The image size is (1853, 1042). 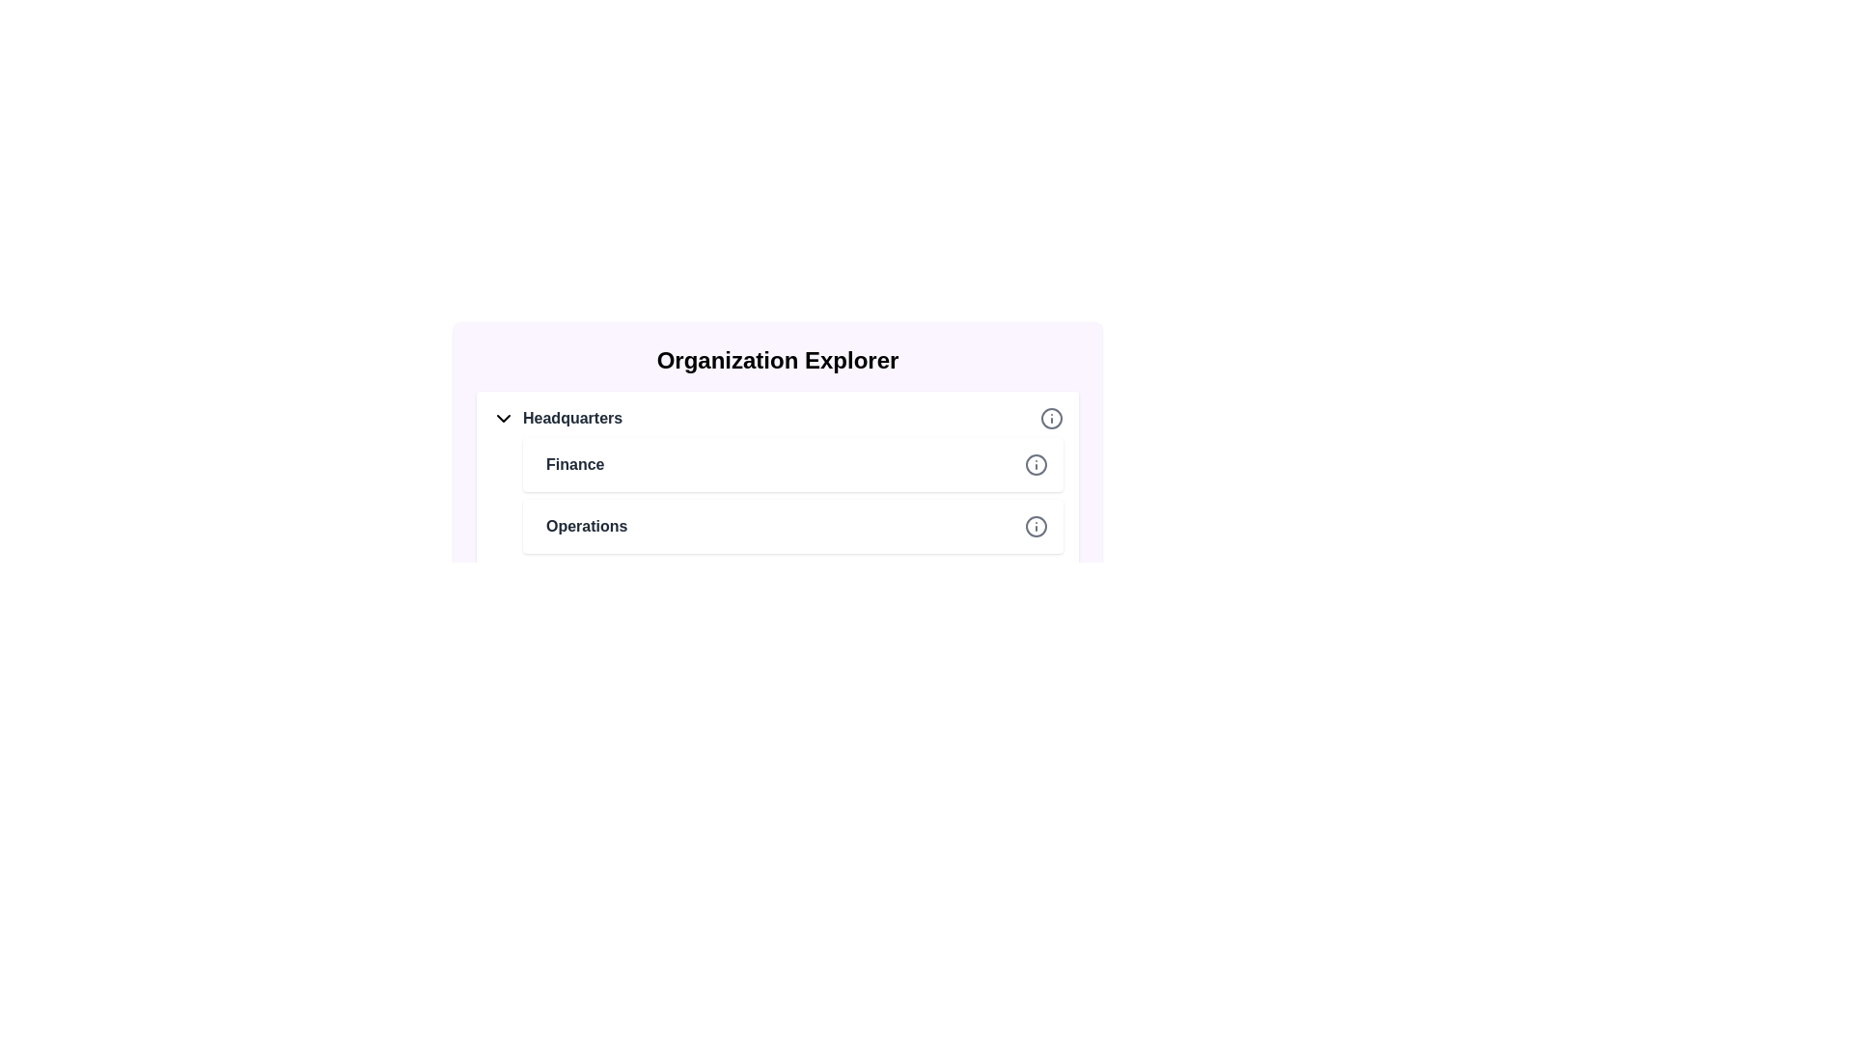 What do you see at coordinates (504, 418) in the screenshot?
I see `the Chevron icon located to the left of the 'Headquarters' text in the 'Organization Explorer' interface` at bounding box center [504, 418].